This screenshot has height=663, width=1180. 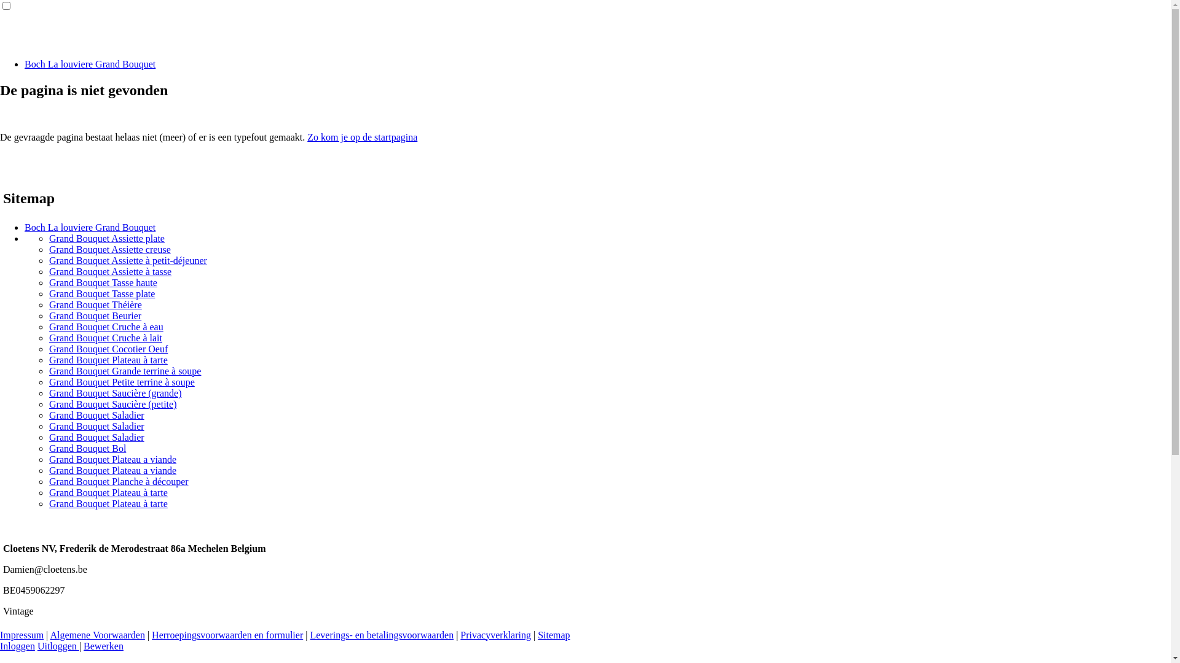 I want to click on 'Inloggen', so click(x=0, y=645).